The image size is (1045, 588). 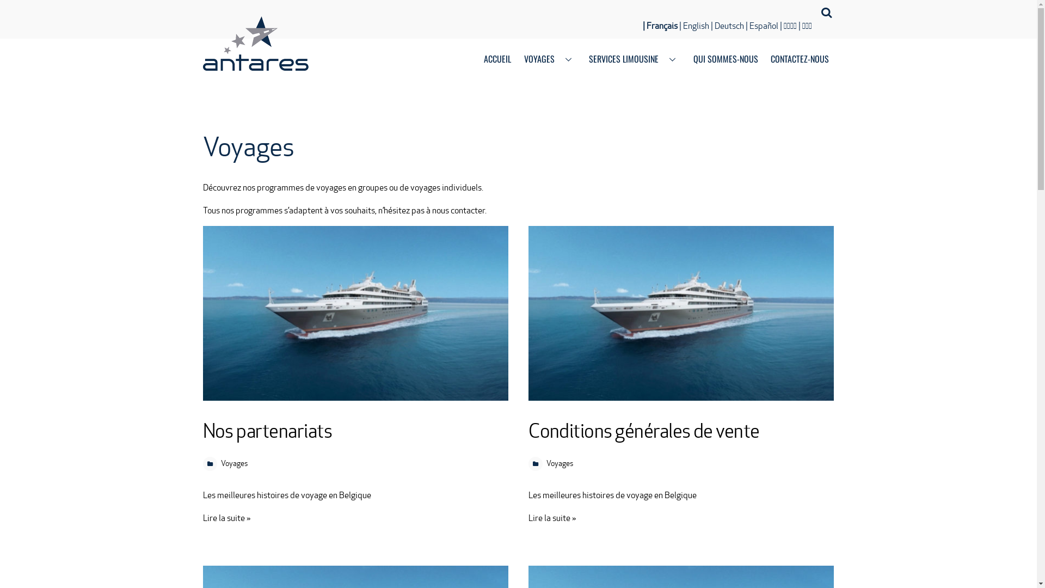 I want to click on 'ACCUEIL', so click(x=497, y=60).